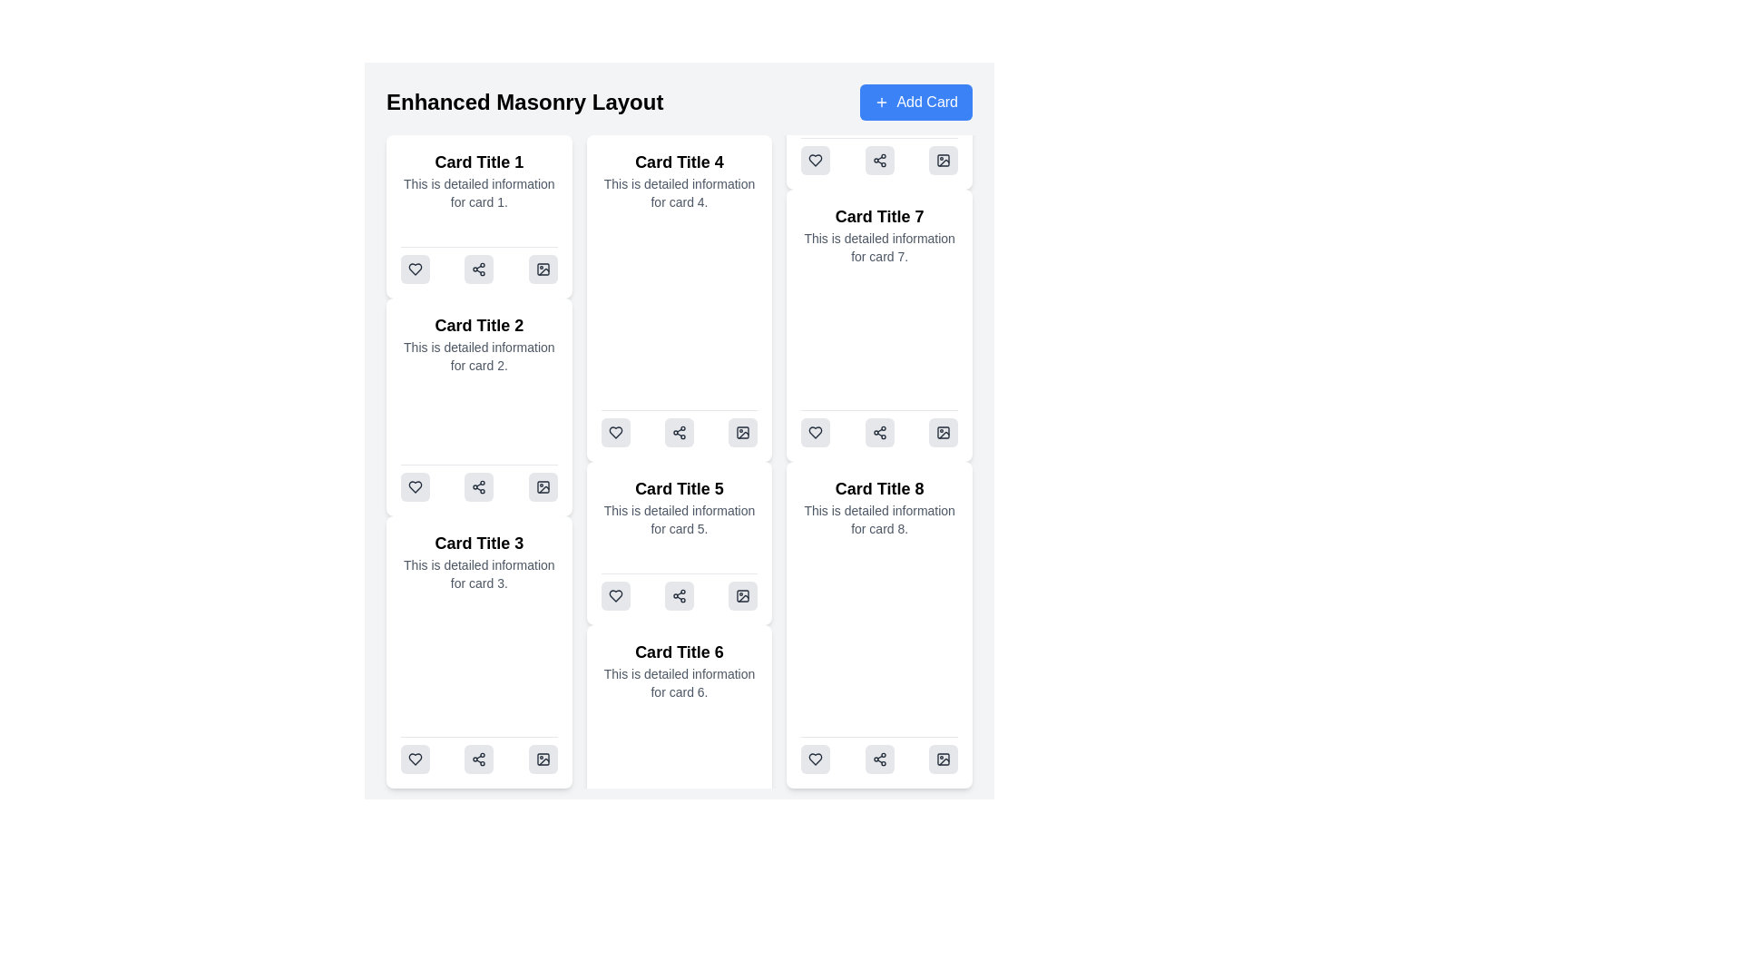 The image size is (1742, 980). What do you see at coordinates (944, 759) in the screenshot?
I see `the square button with a light gray background and an image icon, which is the third button in a horizontal row at the bottom-right corner of 'Card Title 8'` at bounding box center [944, 759].